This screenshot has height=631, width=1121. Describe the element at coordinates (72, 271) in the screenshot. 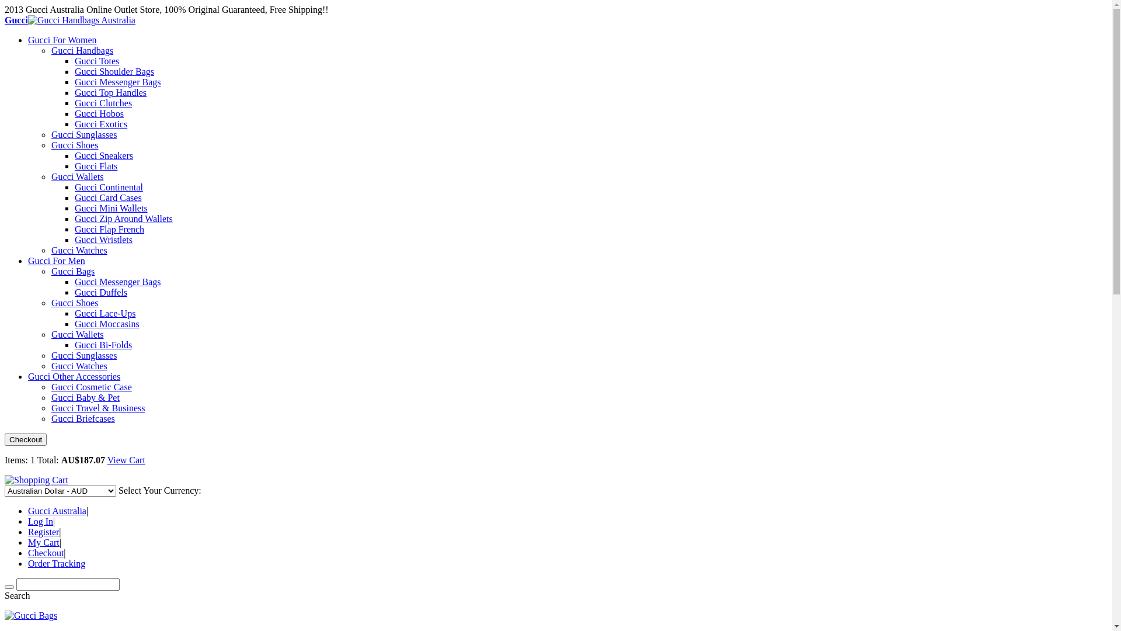

I see `'Gucci Bags'` at that location.